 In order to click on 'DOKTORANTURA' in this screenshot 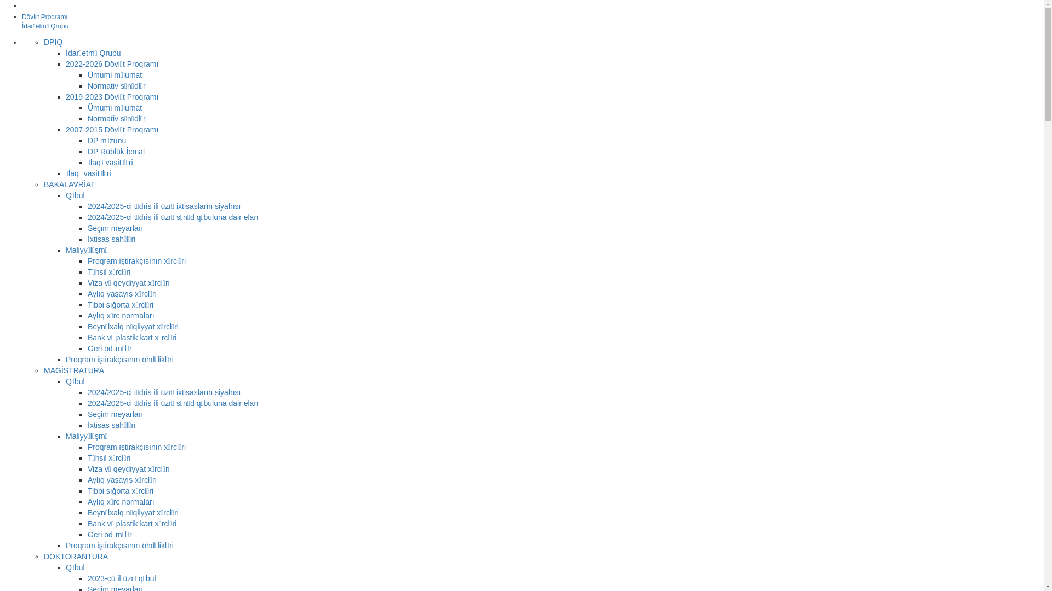, I will do `click(75, 557)`.